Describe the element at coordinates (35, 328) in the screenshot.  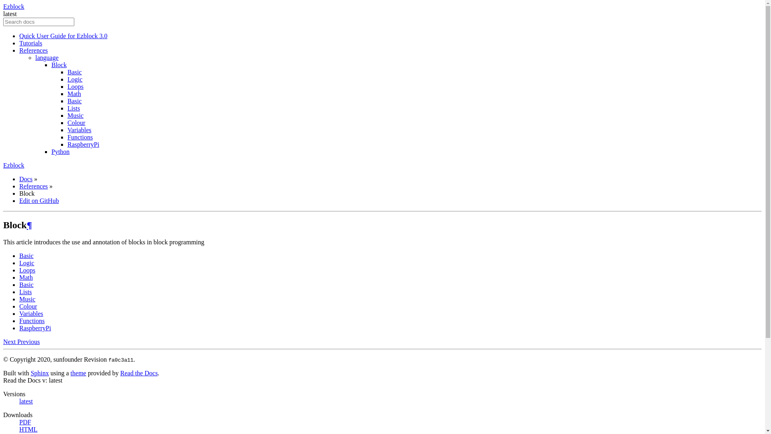
I see `'RaspberryPi'` at that location.